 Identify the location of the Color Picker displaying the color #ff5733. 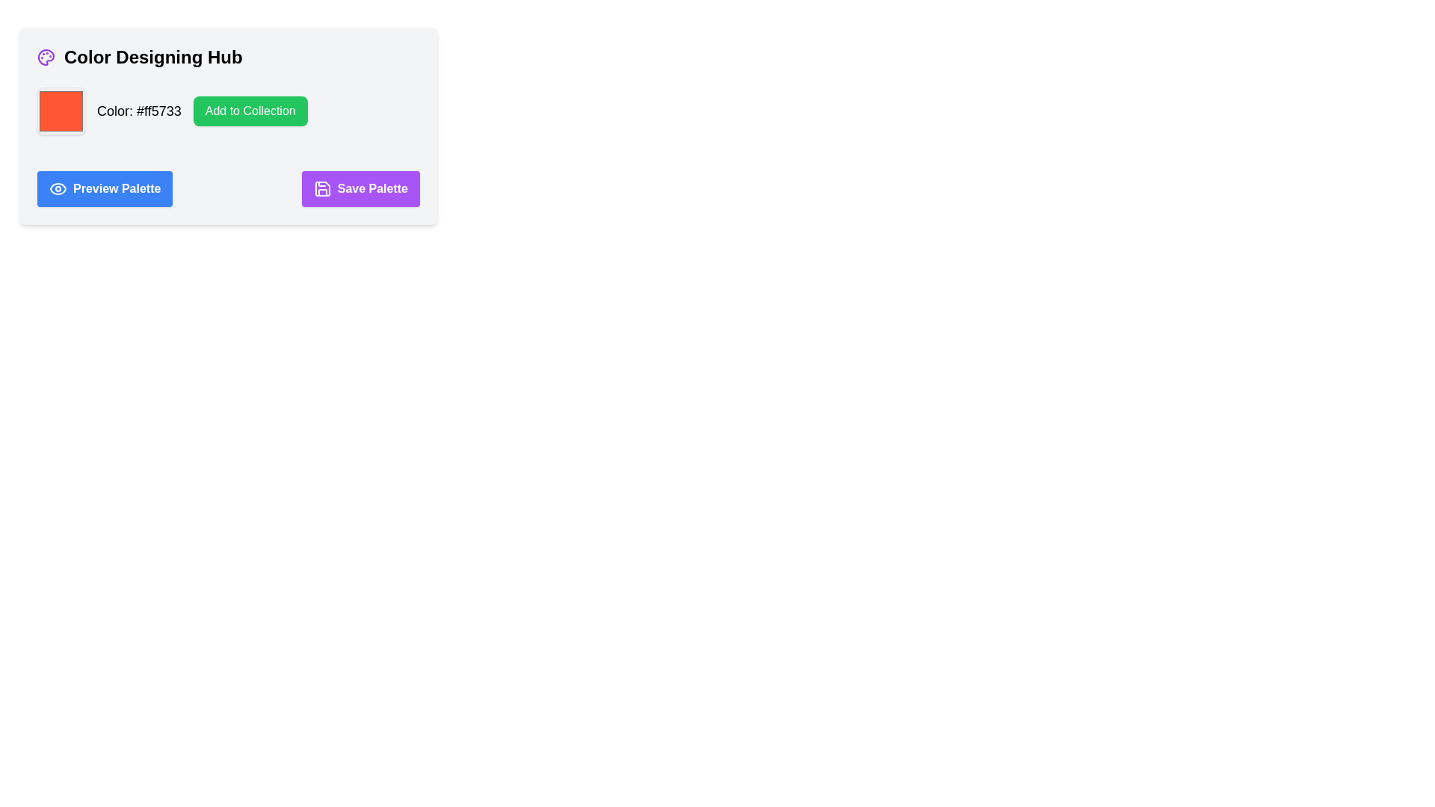
(60, 111).